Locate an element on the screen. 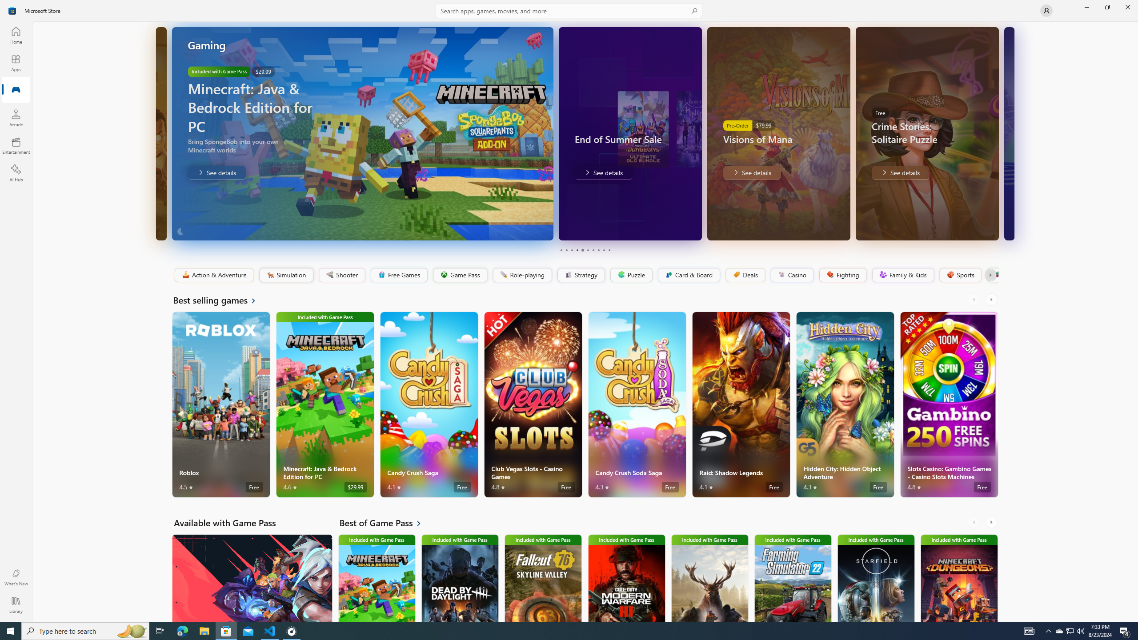  'Search' is located at coordinates (569, 10).